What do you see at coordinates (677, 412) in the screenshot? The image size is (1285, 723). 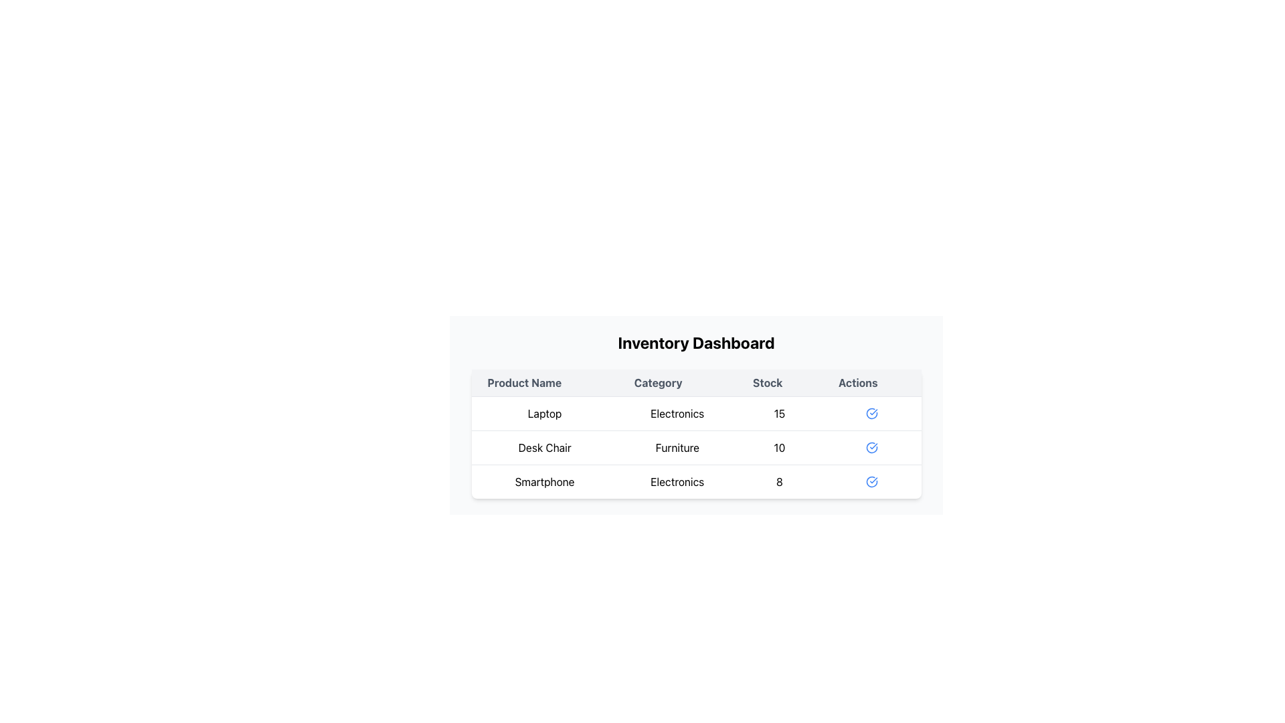 I see `the 'Electronics' text label in the 'Category' column of the 'Inventory Dashboard' table` at bounding box center [677, 412].